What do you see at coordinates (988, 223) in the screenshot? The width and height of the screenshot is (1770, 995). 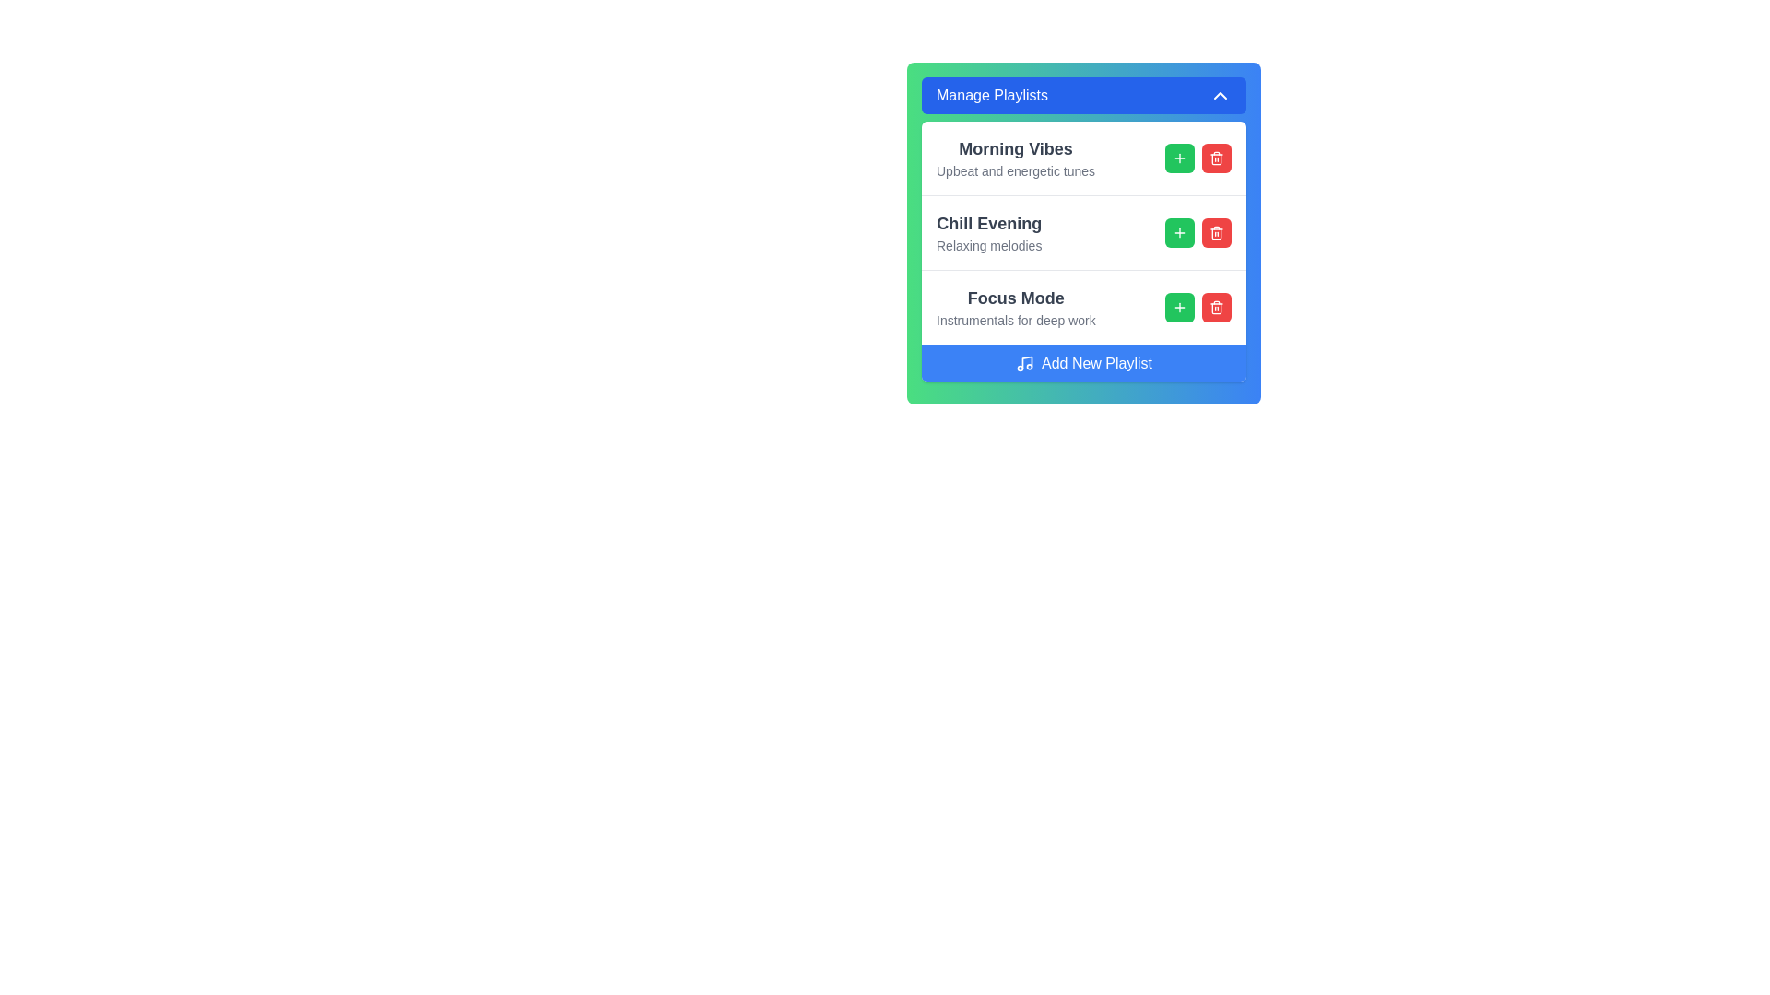 I see `the text label that displays the title of the playlist section, allowing the user to identify it within the interface` at bounding box center [988, 223].